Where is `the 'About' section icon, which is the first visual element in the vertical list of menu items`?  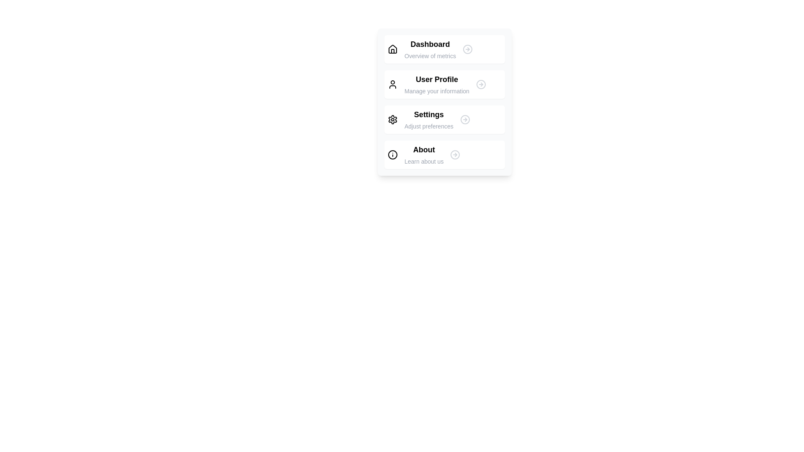 the 'About' section icon, which is the first visual element in the vertical list of menu items is located at coordinates (392, 155).